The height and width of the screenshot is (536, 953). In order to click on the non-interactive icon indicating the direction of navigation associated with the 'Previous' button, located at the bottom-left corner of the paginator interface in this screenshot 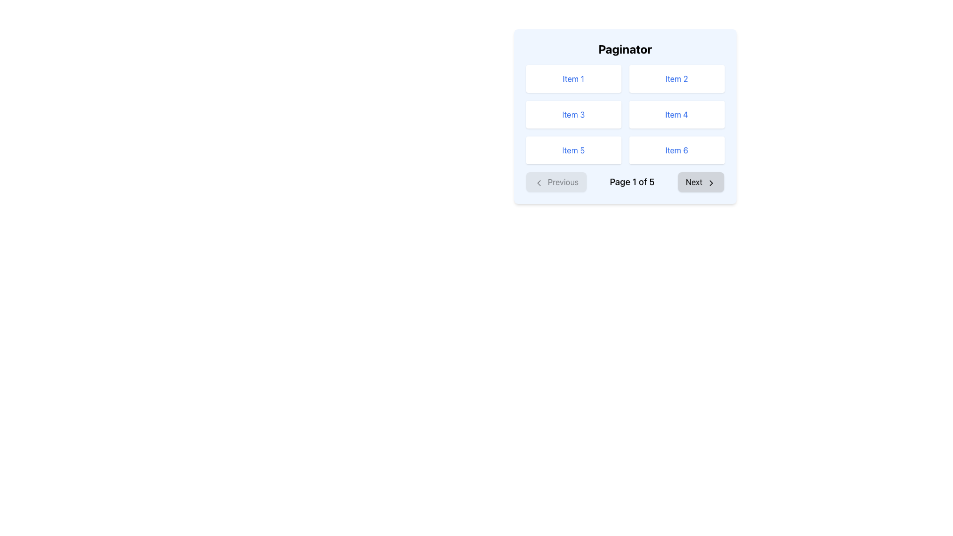, I will do `click(538, 183)`.